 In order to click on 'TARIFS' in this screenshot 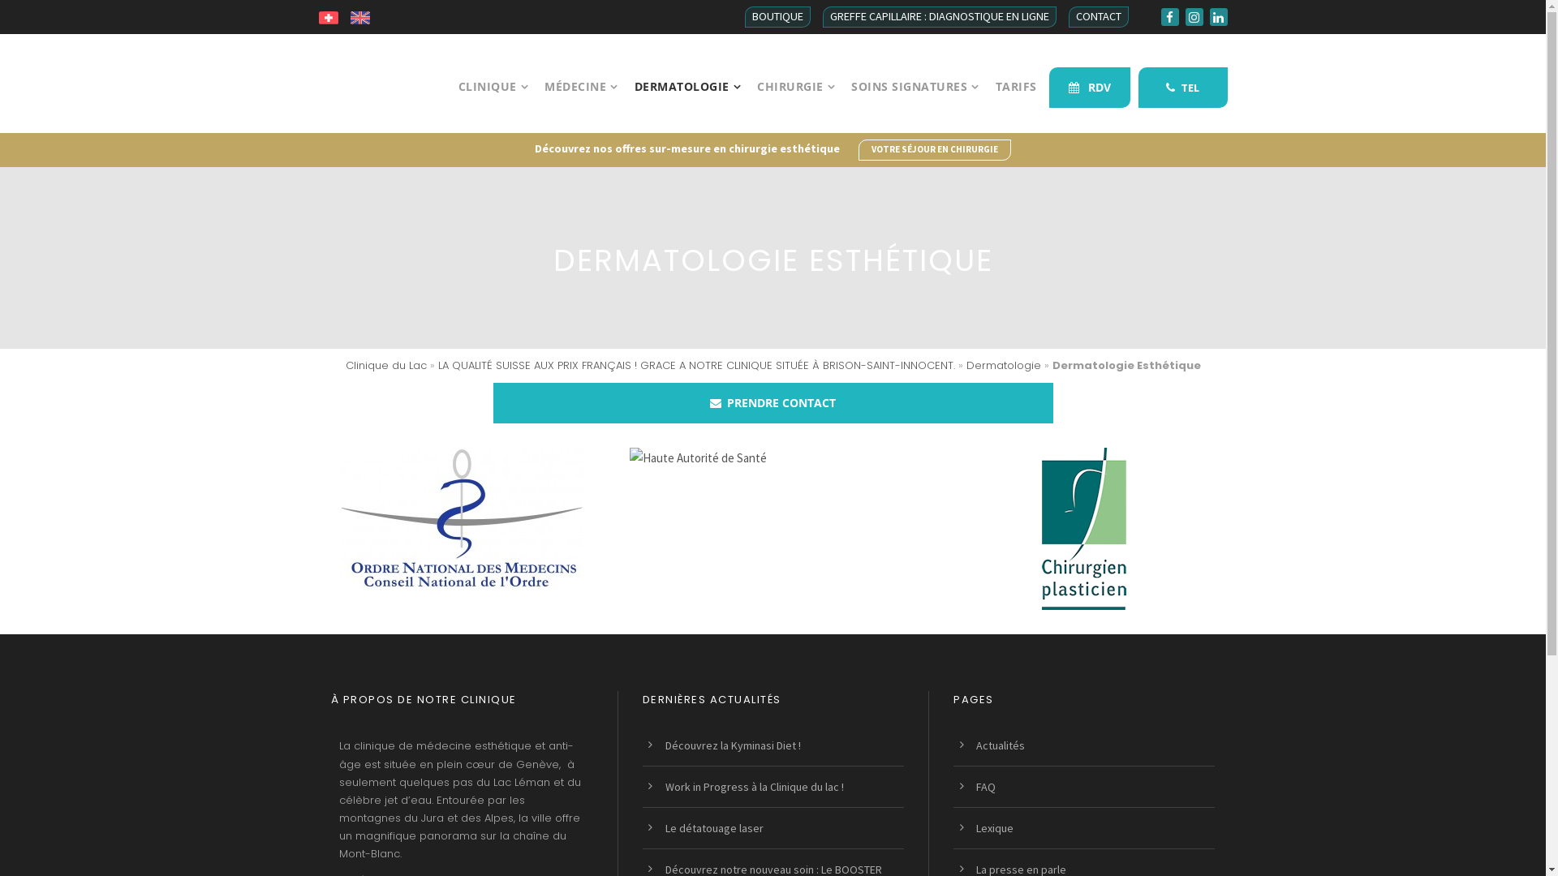, I will do `click(993, 105)`.